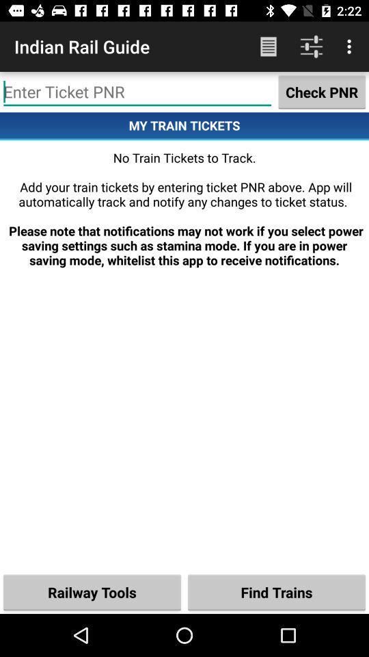 The height and width of the screenshot is (657, 369). Describe the element at coordinates (92, 591) in the screenshot. I see `the icon below no train tickets` at that location.